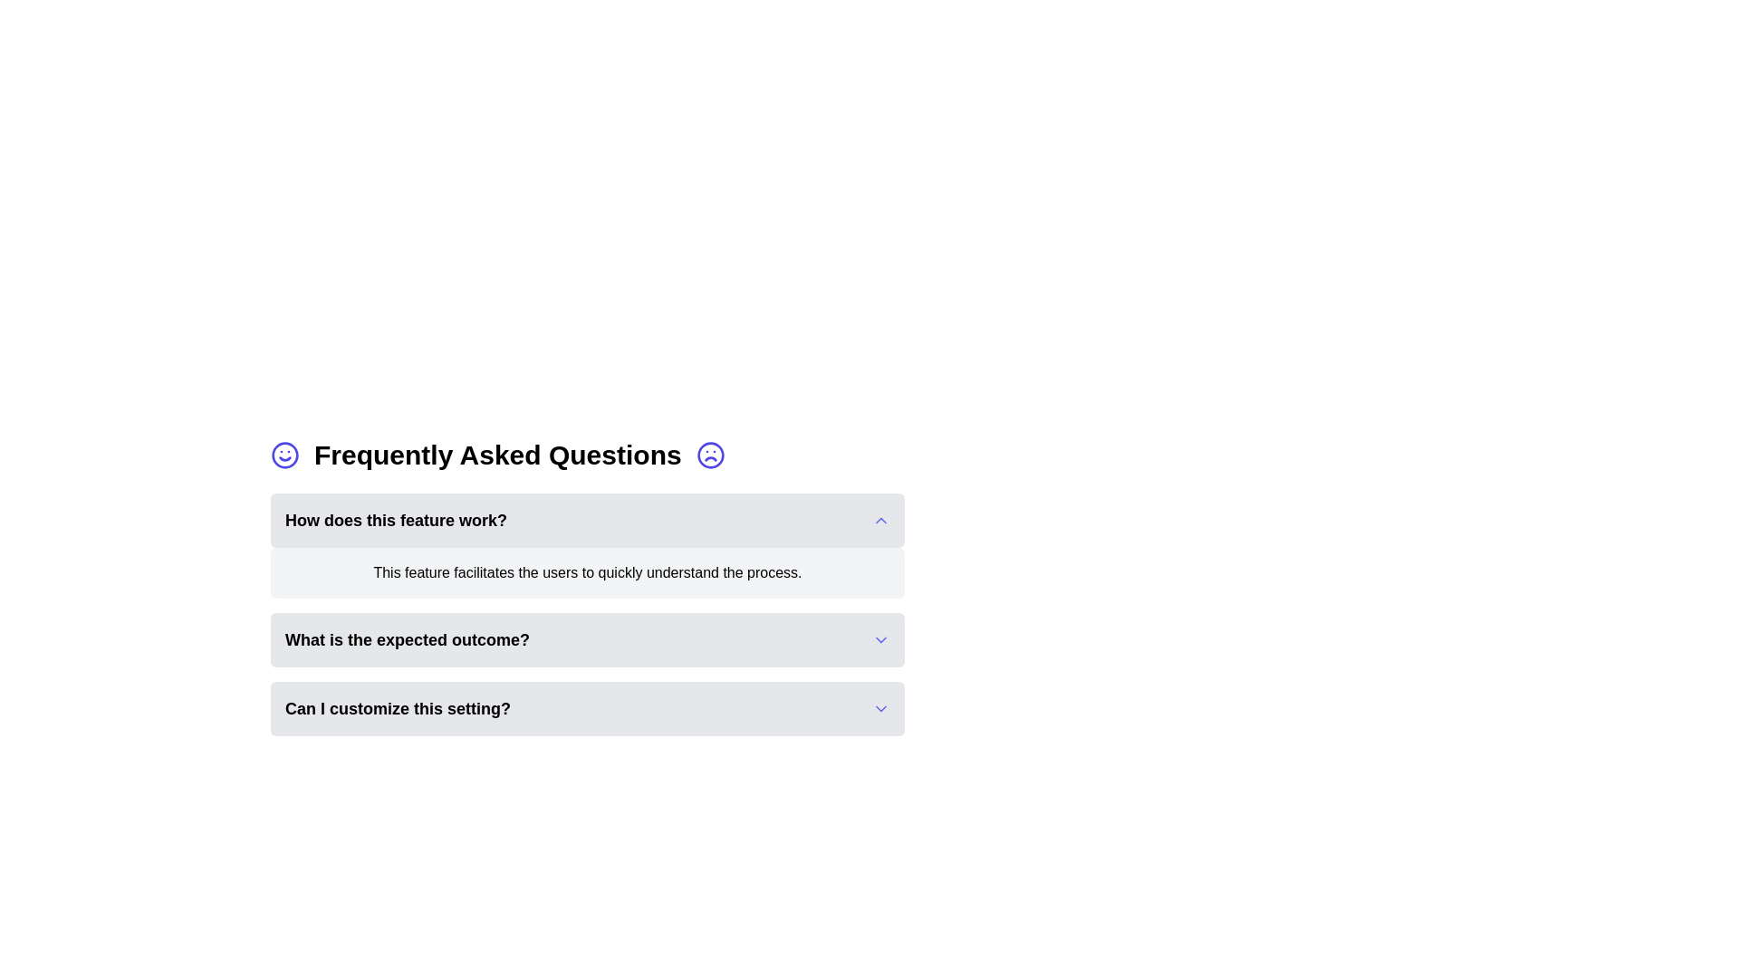 This screenshot has height=978, width=1739. I want to click on the downward-facing chevron icon, which is blue and outlined, located on the right side of a grey rectangle containing the text 'Can I customize this setting?', so click(881, 708).